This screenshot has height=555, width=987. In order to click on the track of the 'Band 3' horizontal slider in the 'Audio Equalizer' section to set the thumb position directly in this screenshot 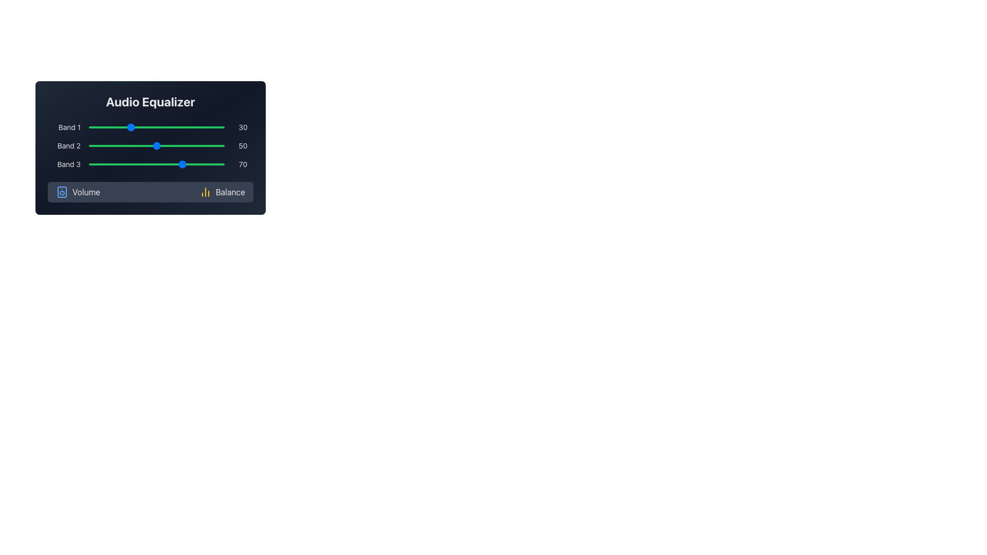, I will do `click(150, 164)`.